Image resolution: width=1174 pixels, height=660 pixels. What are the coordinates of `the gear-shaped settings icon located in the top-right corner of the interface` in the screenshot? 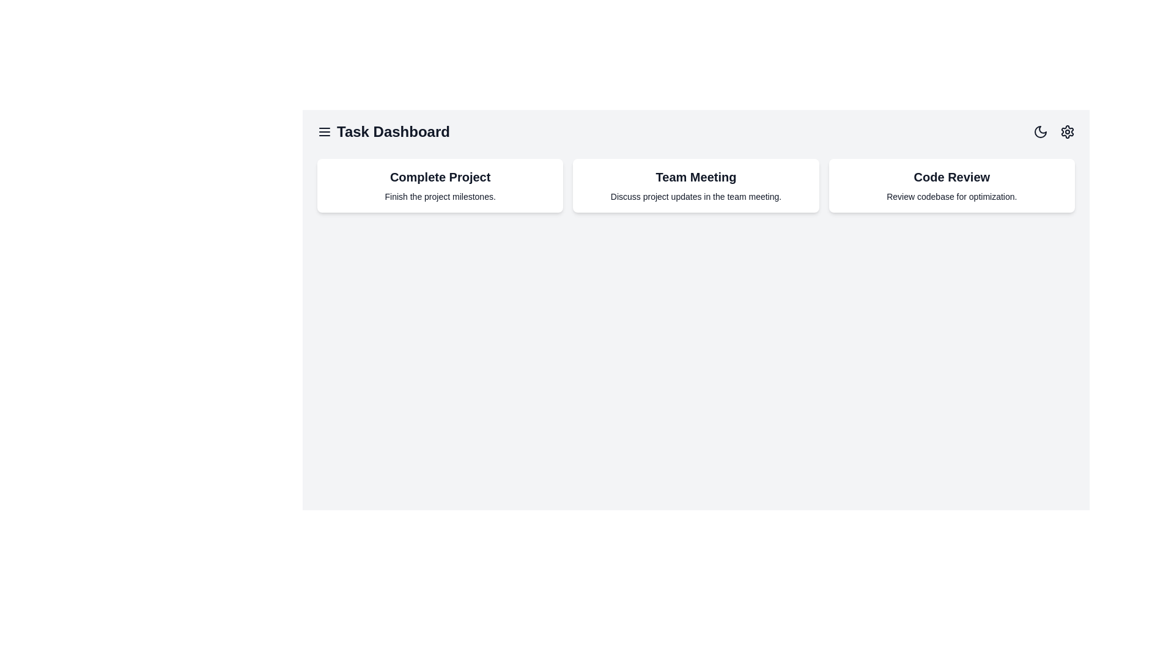 It's located at (1067, 132).